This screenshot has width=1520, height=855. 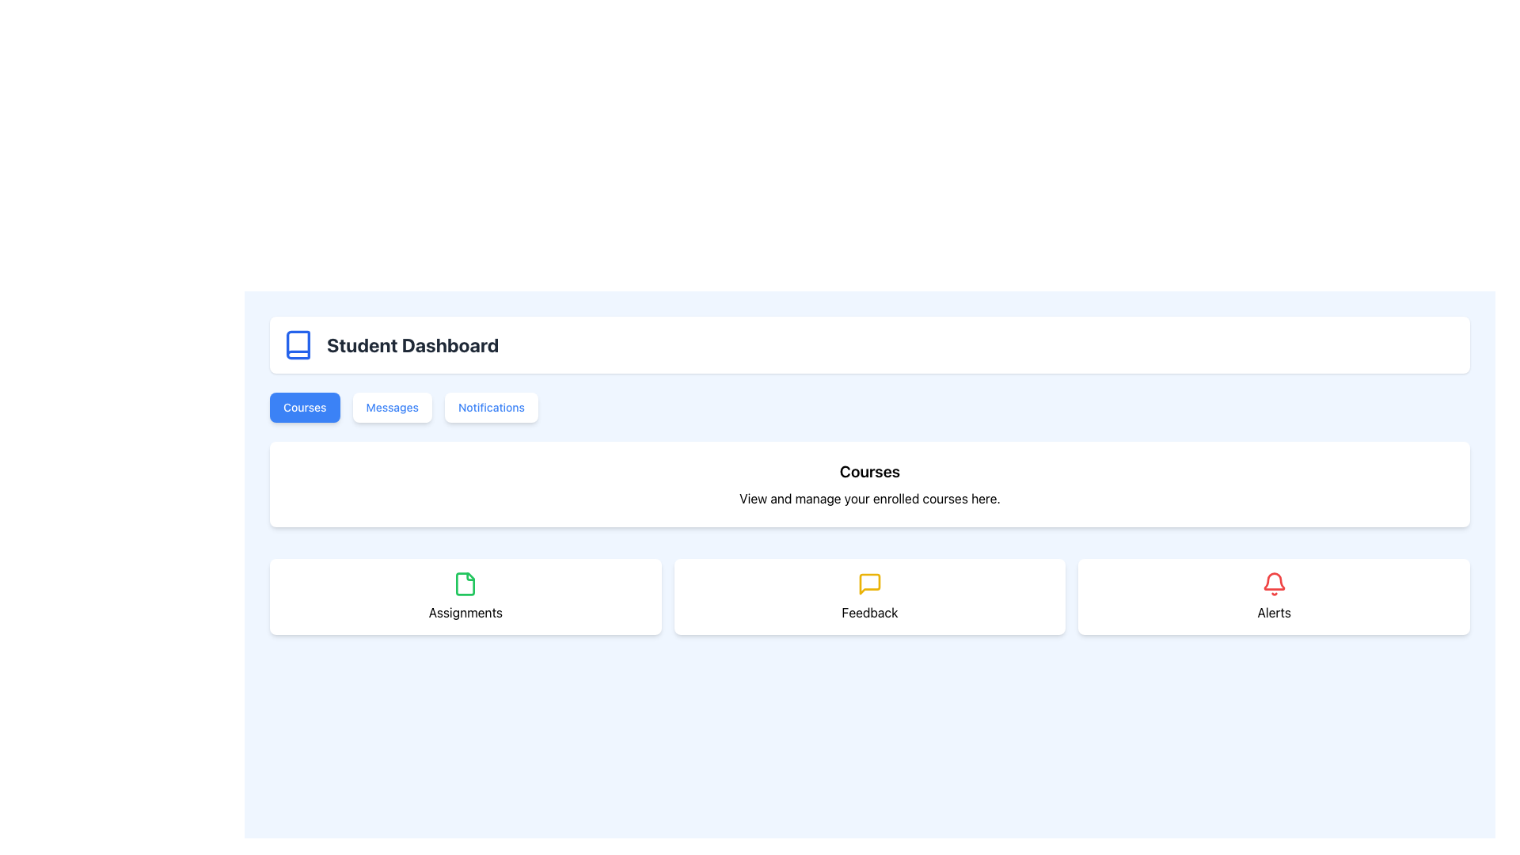 I want to click on the blue button labeled 'Courses' to observe the hover effects, so click(x=305, y=407).